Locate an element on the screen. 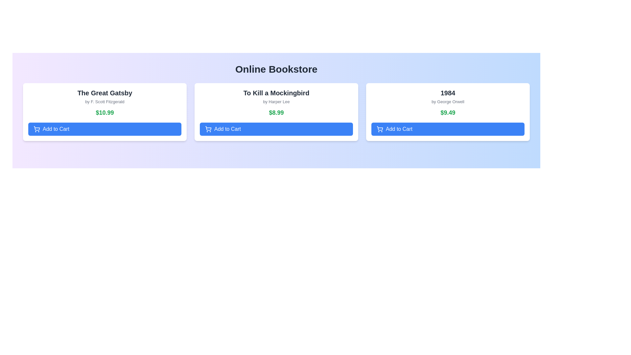  the leftmost icon of the blue 'Add to Cart' button located under 'The Great Gatsby' section is located at coordinates (36, 129).